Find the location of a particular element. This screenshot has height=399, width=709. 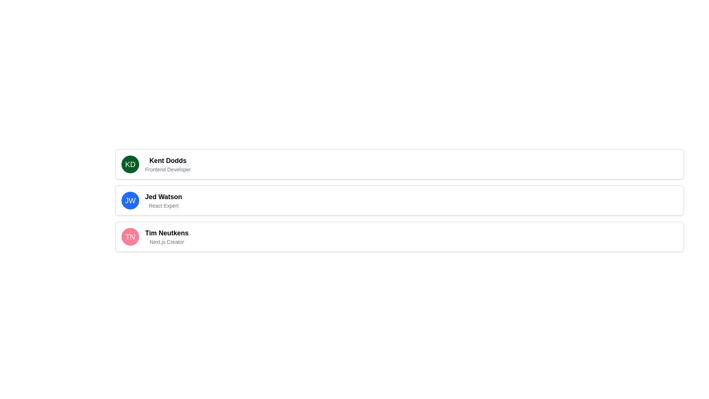

the title text display in the third profile card that shows the individual's name is located at coordinates (166, 233).